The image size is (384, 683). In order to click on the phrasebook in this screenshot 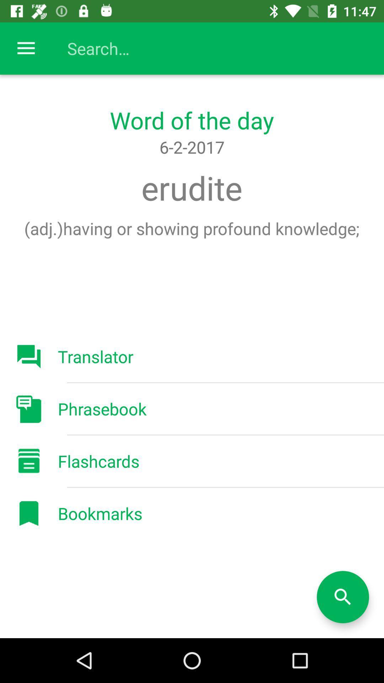, I will do `click(102, 409)`.